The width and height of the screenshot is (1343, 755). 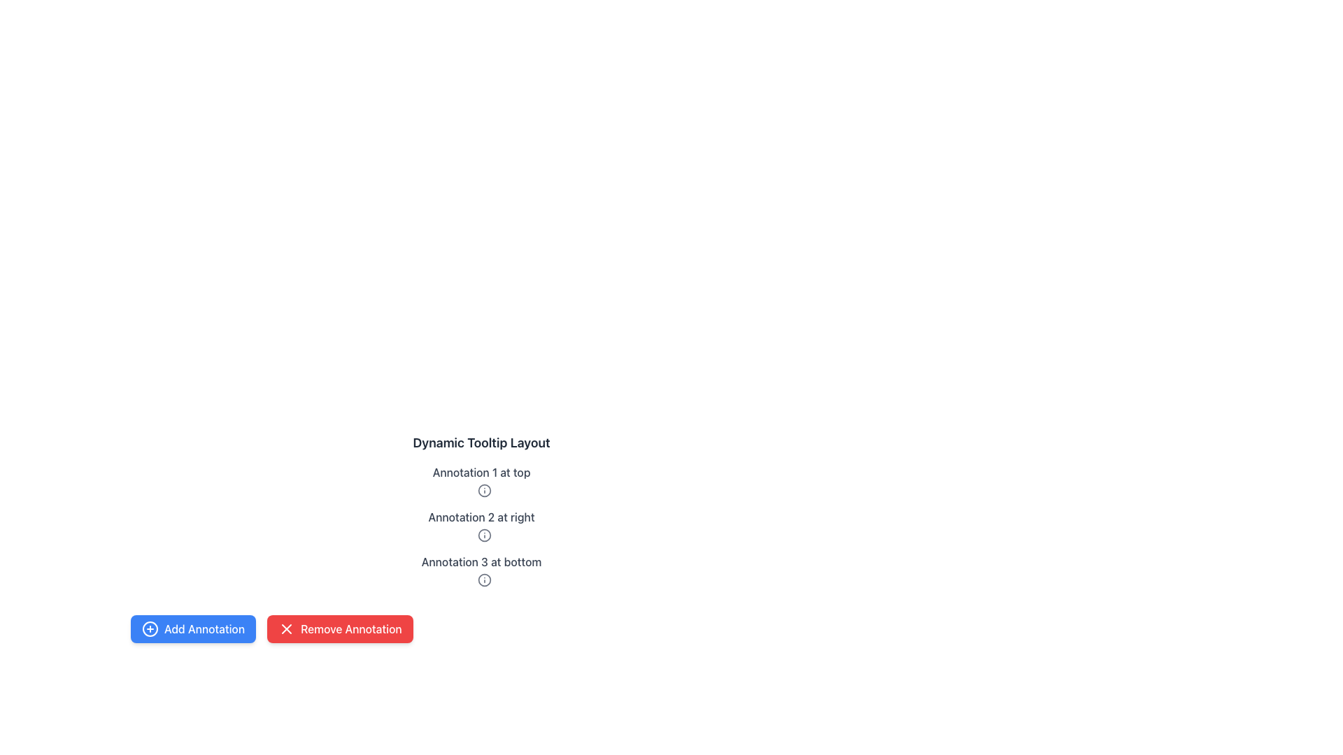 I want to click on the circular outline icon located next to the text 'Annotation 3 at bottom', so click(x=484, y=580).